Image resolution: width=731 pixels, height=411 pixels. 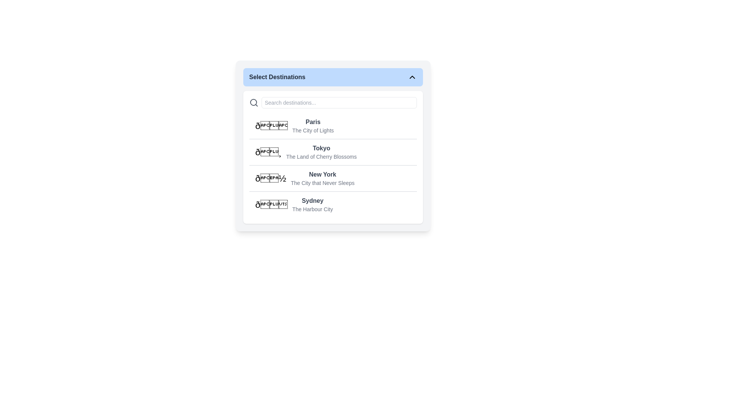 I want to click on the Icon or decorative text element representing 'Paris', located at the beginning of the row adjacent to the text 'Paris', so click(x=271, y=126).